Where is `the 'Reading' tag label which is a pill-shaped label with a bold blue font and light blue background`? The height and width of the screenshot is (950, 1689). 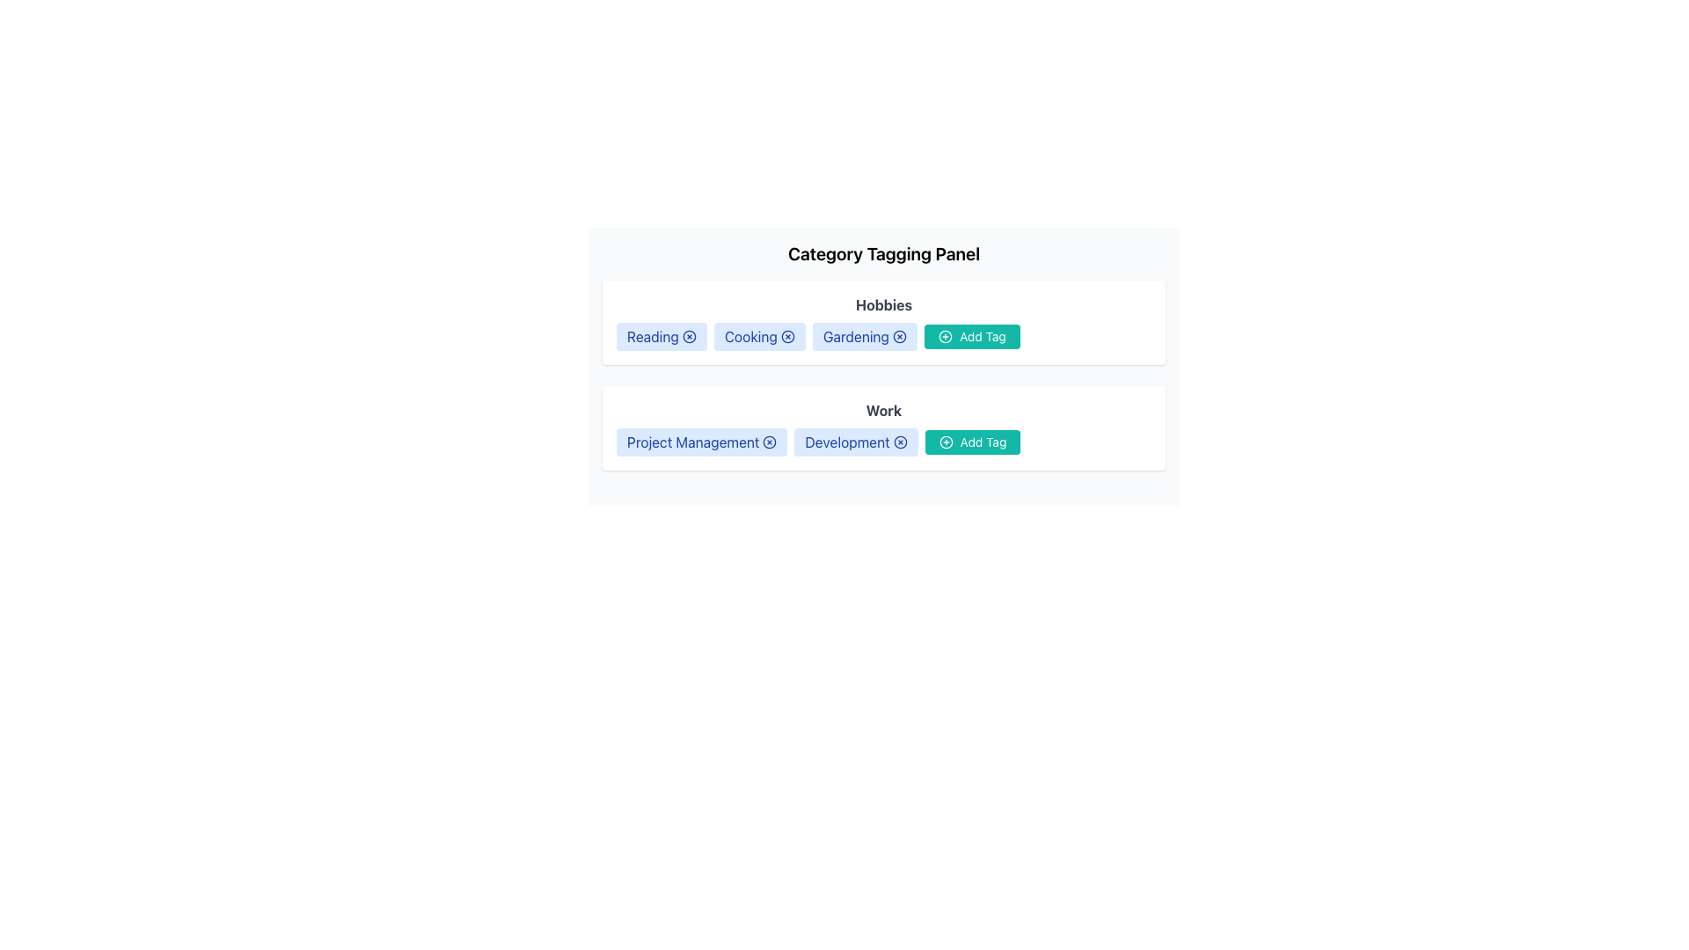
the 'Reading' tag label which is a pill-shaped label with a bold blue font and light blue background is located at coordinates (661, 336).